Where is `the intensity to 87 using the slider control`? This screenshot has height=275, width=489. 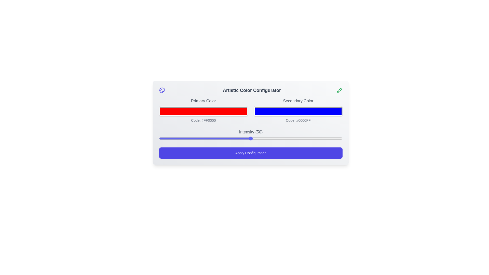 the intensity to 87 using the slider control is located at coordinates (318, 138).